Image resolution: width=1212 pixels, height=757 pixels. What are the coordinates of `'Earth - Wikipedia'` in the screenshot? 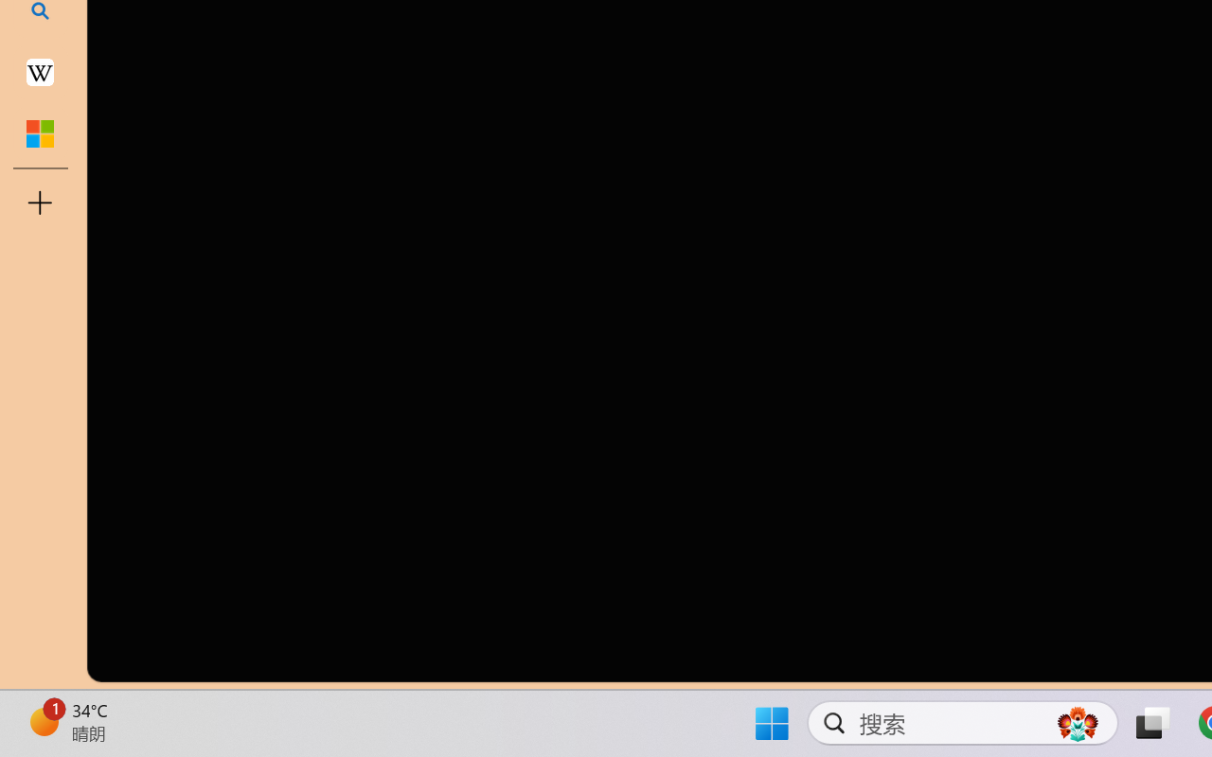 It's located at (40, 72).